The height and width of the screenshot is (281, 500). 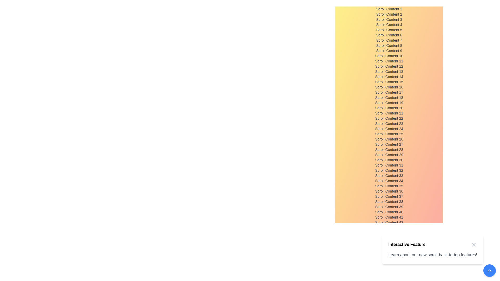 I want to click on the static text label reading 'Scroll Content 42', which is the 42nd item in a vertically stacked list of similar text snippets, aligned centrally on the right side of the layout, so click(x=389, y=222).